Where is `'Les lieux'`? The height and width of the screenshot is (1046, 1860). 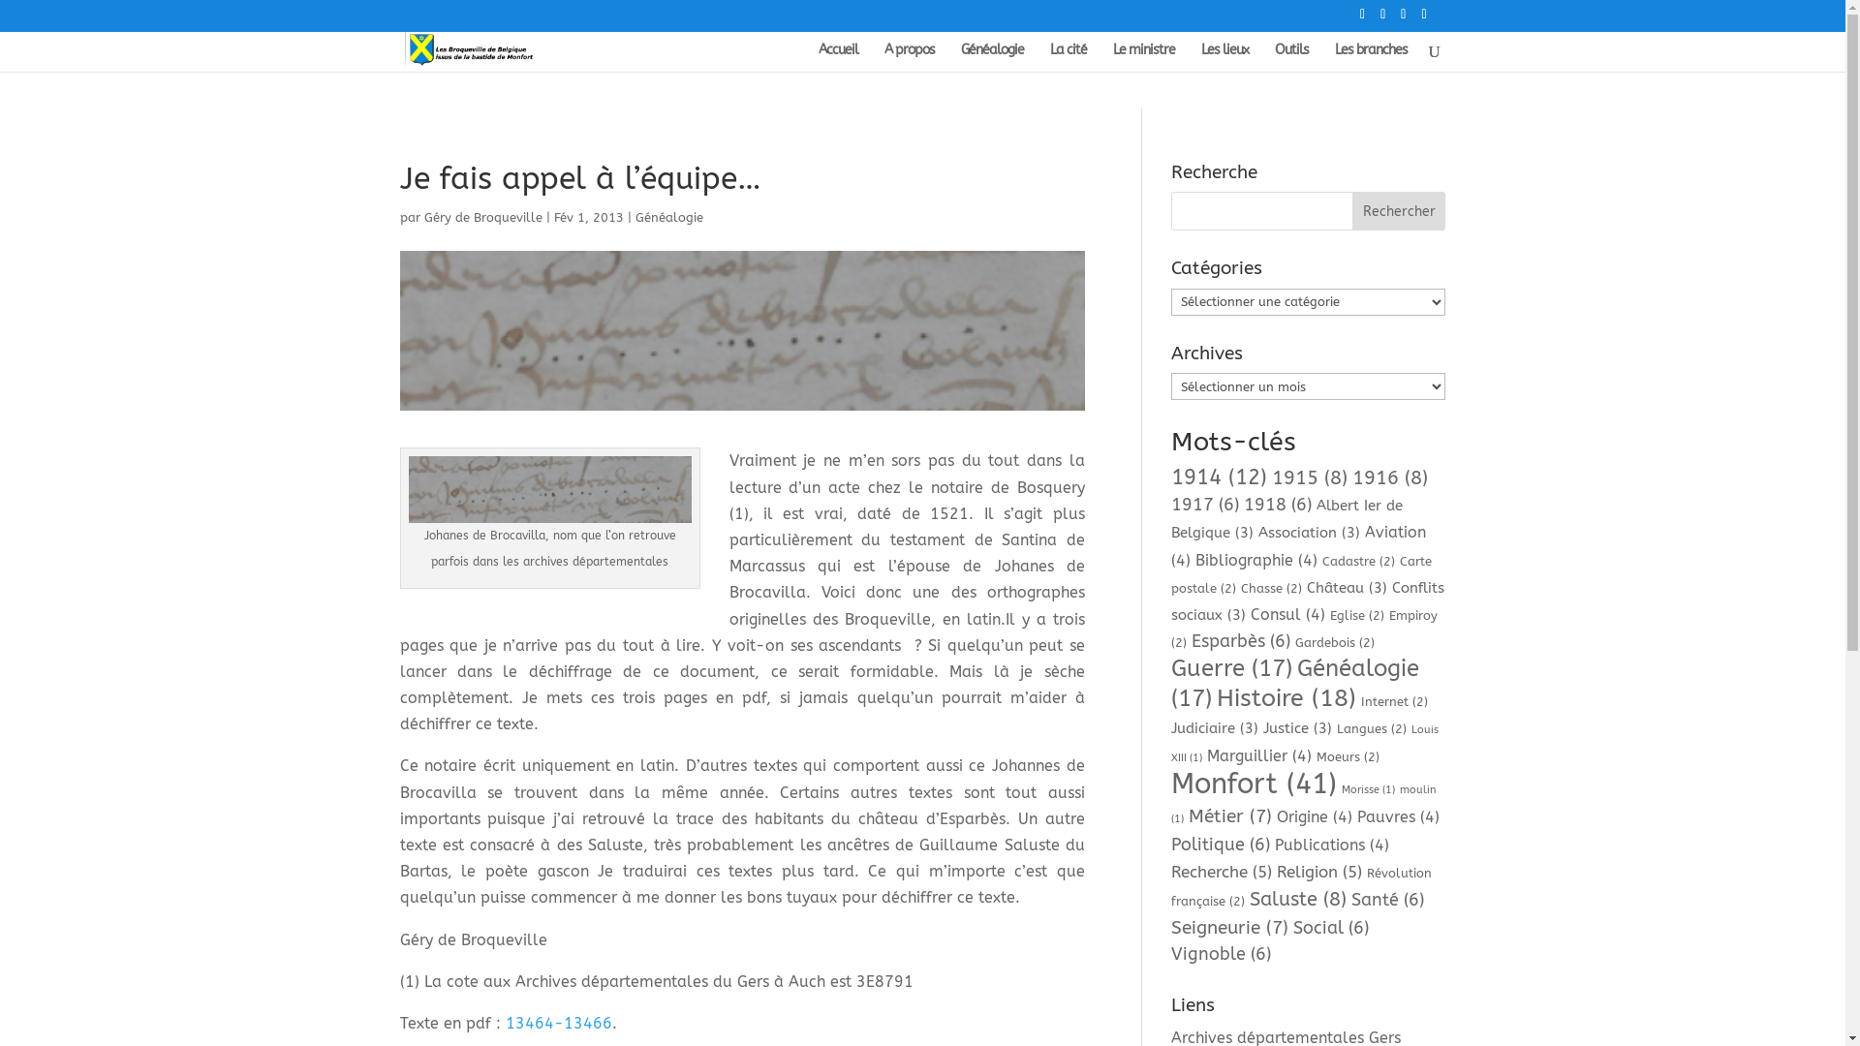 'Les lieux' is located at coordinates (1224, 56).